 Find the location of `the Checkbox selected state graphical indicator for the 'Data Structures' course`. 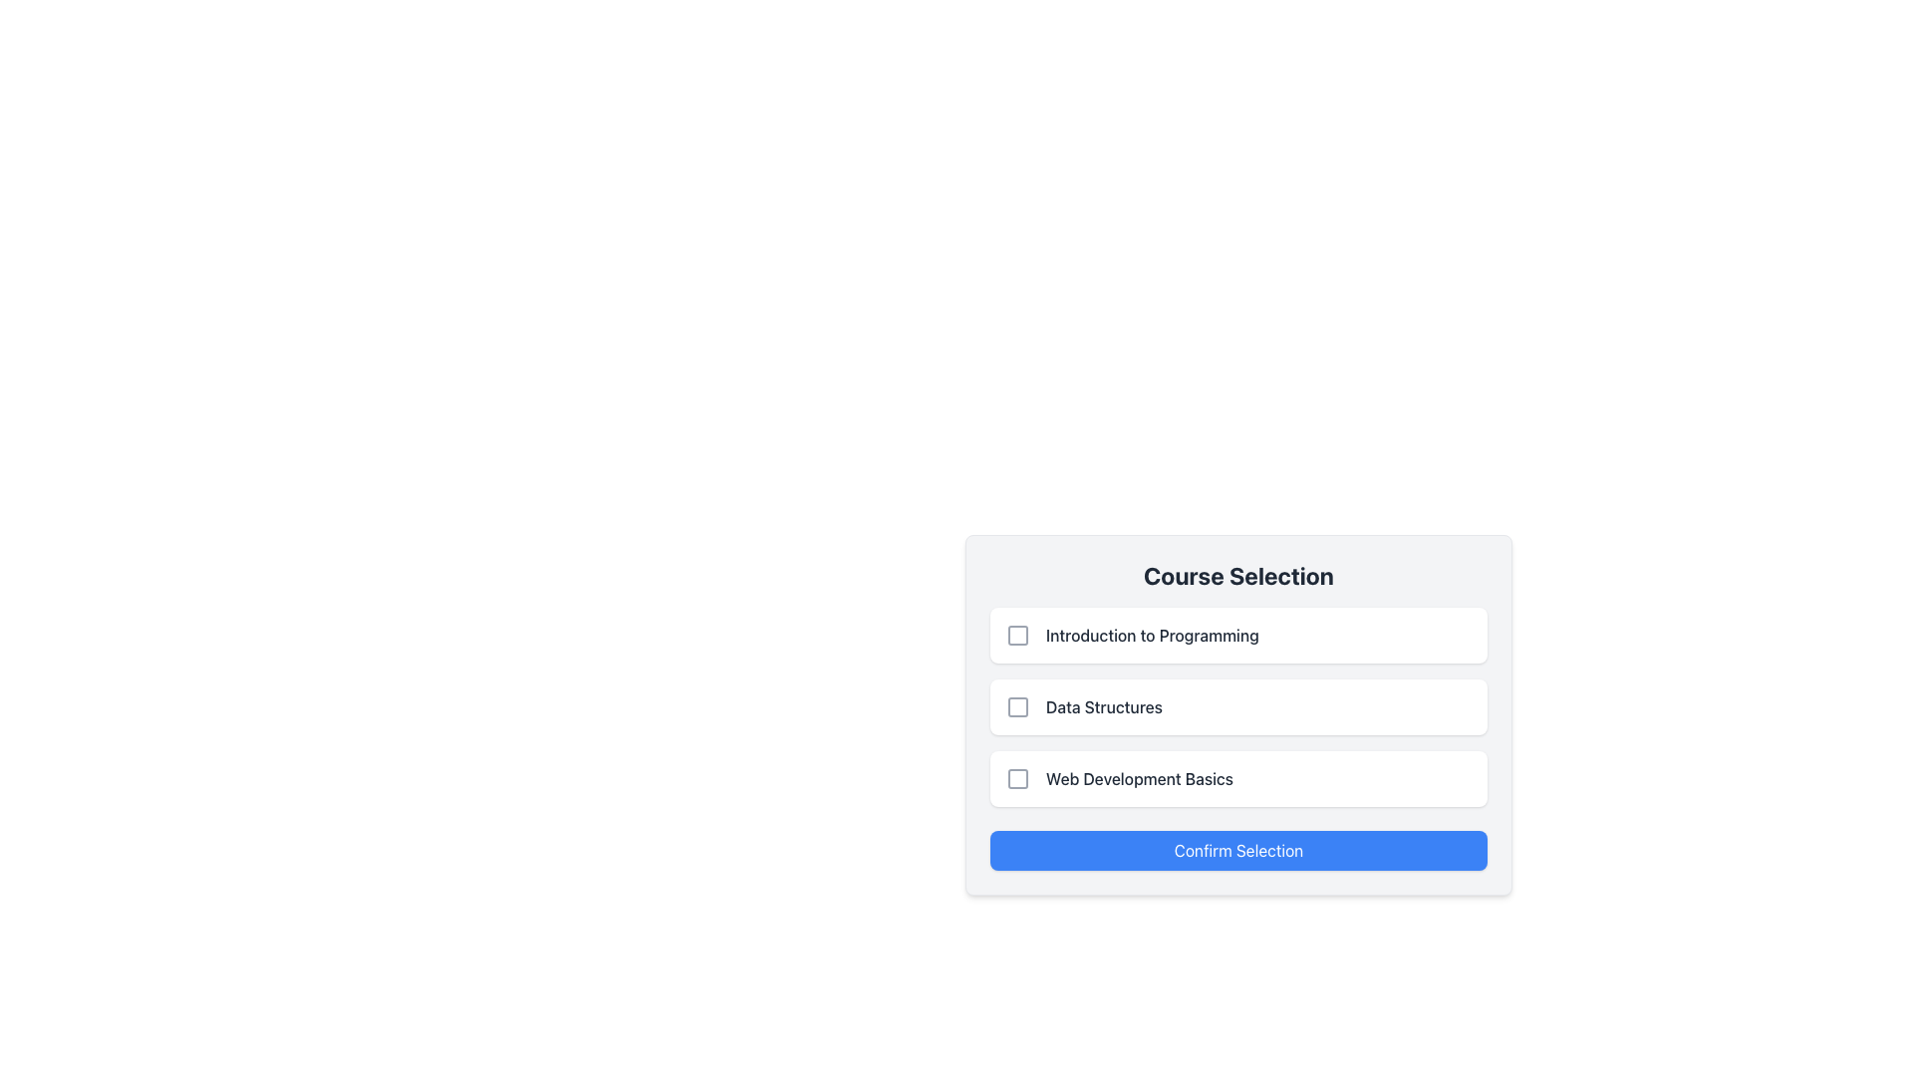

the Checkbox selected state graphical indicator for the 'Data Structures' course is located at coordinates (1018, 705).